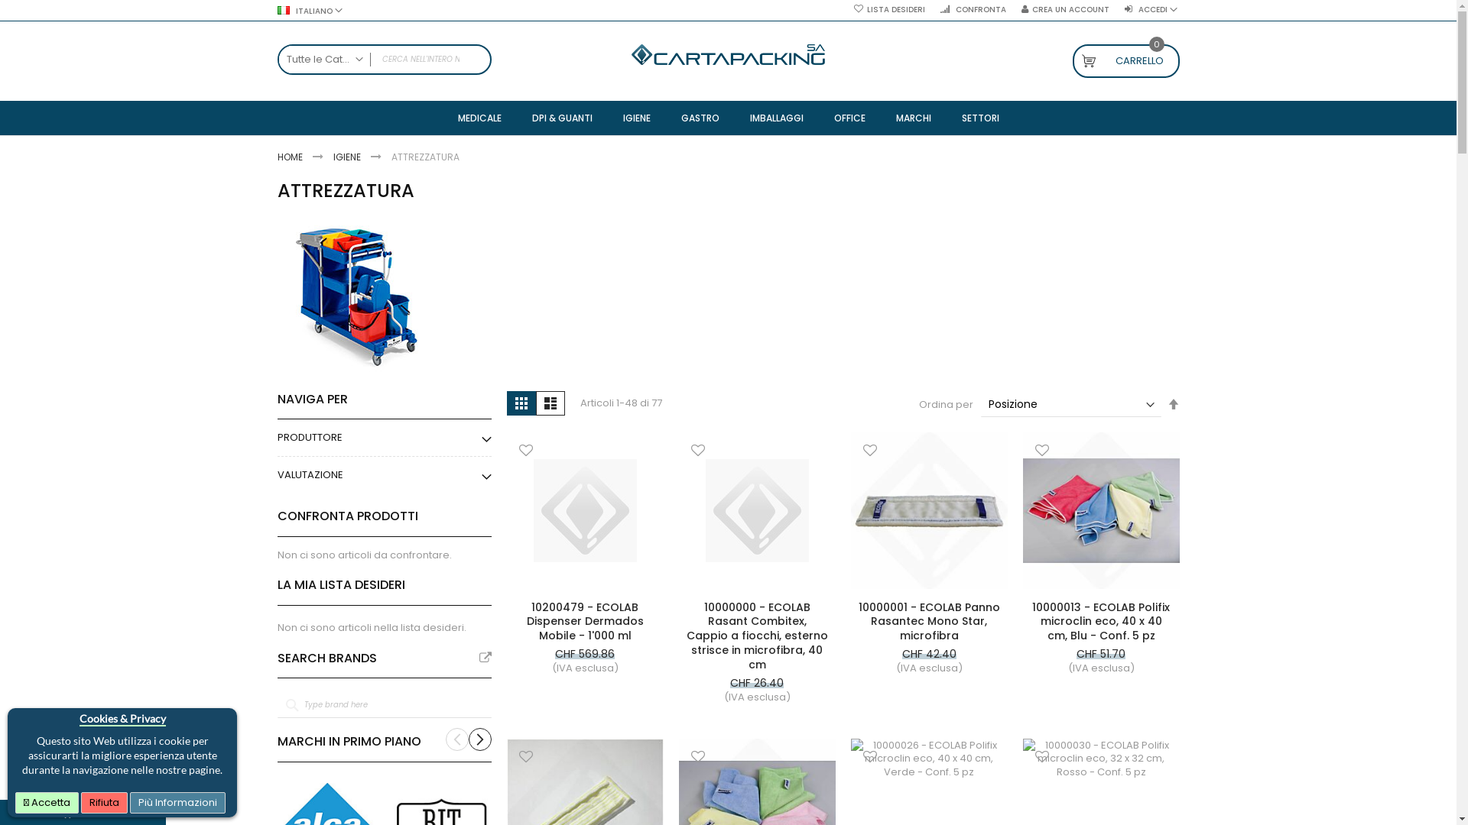 The image size is (1468, 825). Describe the element at coordinates (1172, 403) in the screenshot. I see `'Imposta la direzione decrescente'` at that location.